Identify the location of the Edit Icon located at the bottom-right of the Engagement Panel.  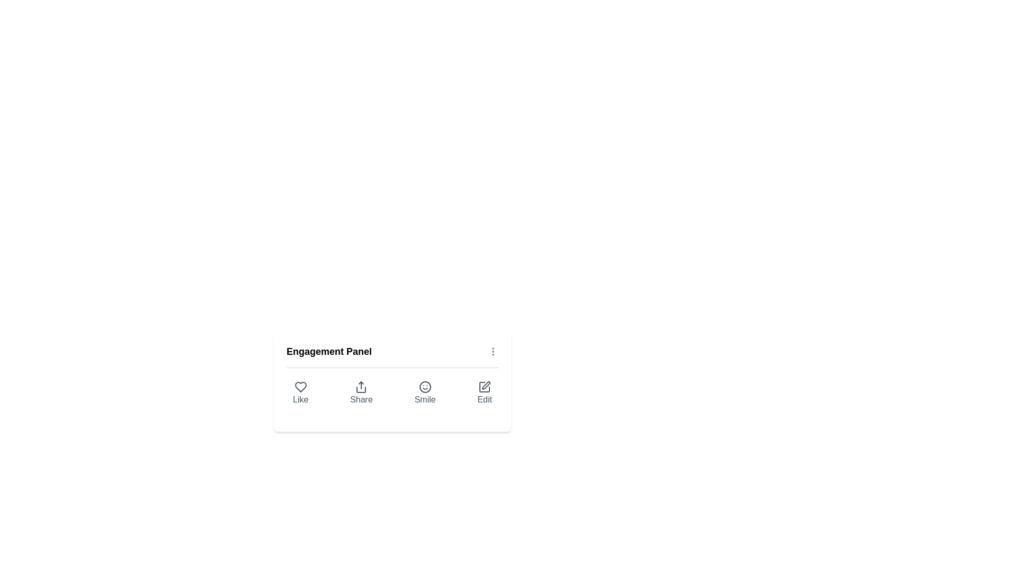
(486, 386).